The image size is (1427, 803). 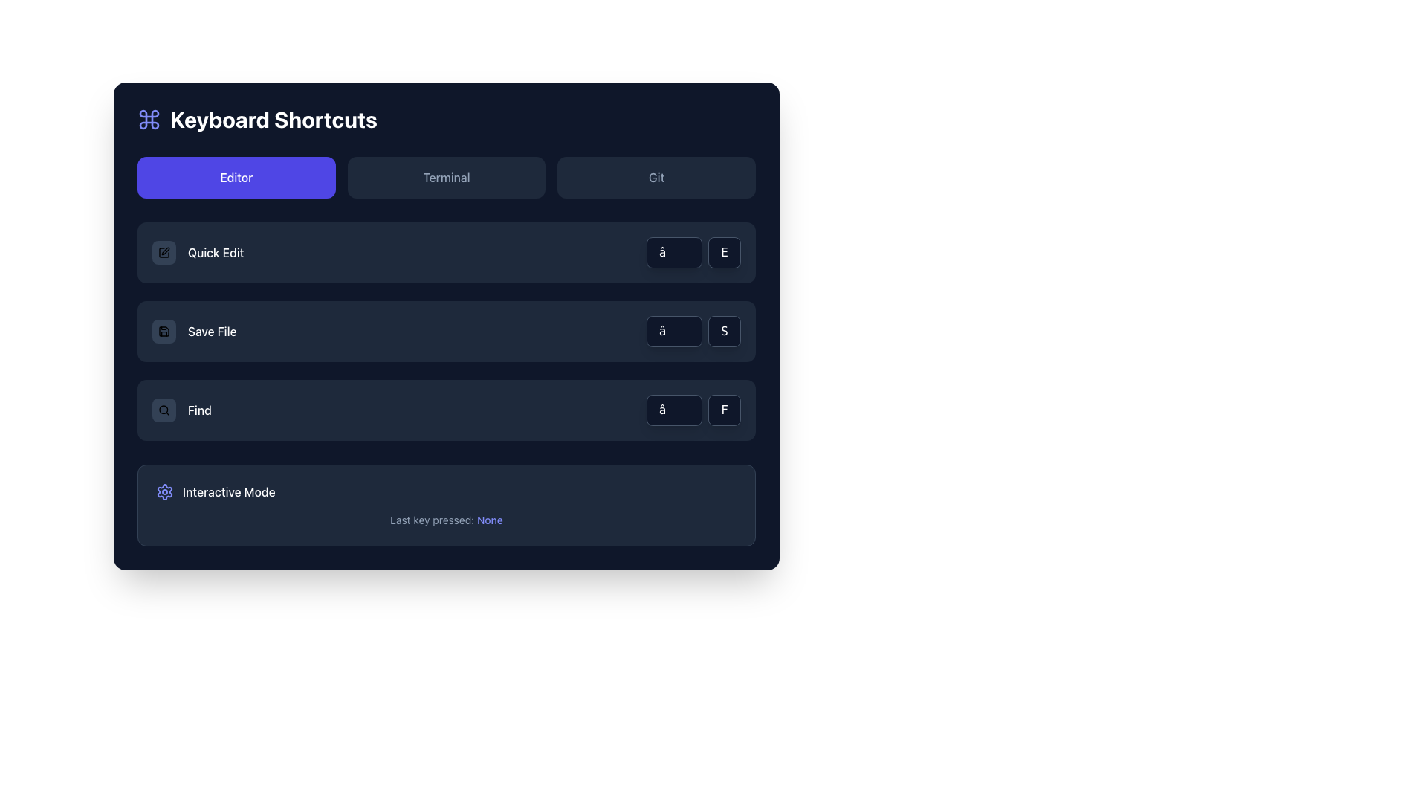 I want to click on the text label or heading for the 'Terminal' section located in the middle of the top panel labeled 'Keyboard Shortcuts', so click(x=445, y=177).